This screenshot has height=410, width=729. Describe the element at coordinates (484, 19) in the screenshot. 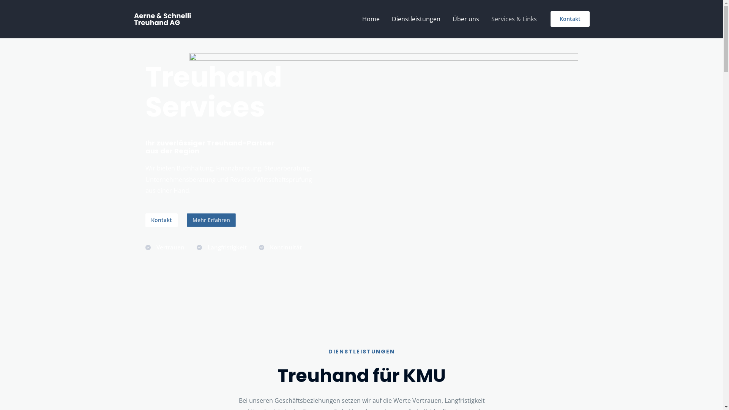

I see `'Services & Links'` at that location.